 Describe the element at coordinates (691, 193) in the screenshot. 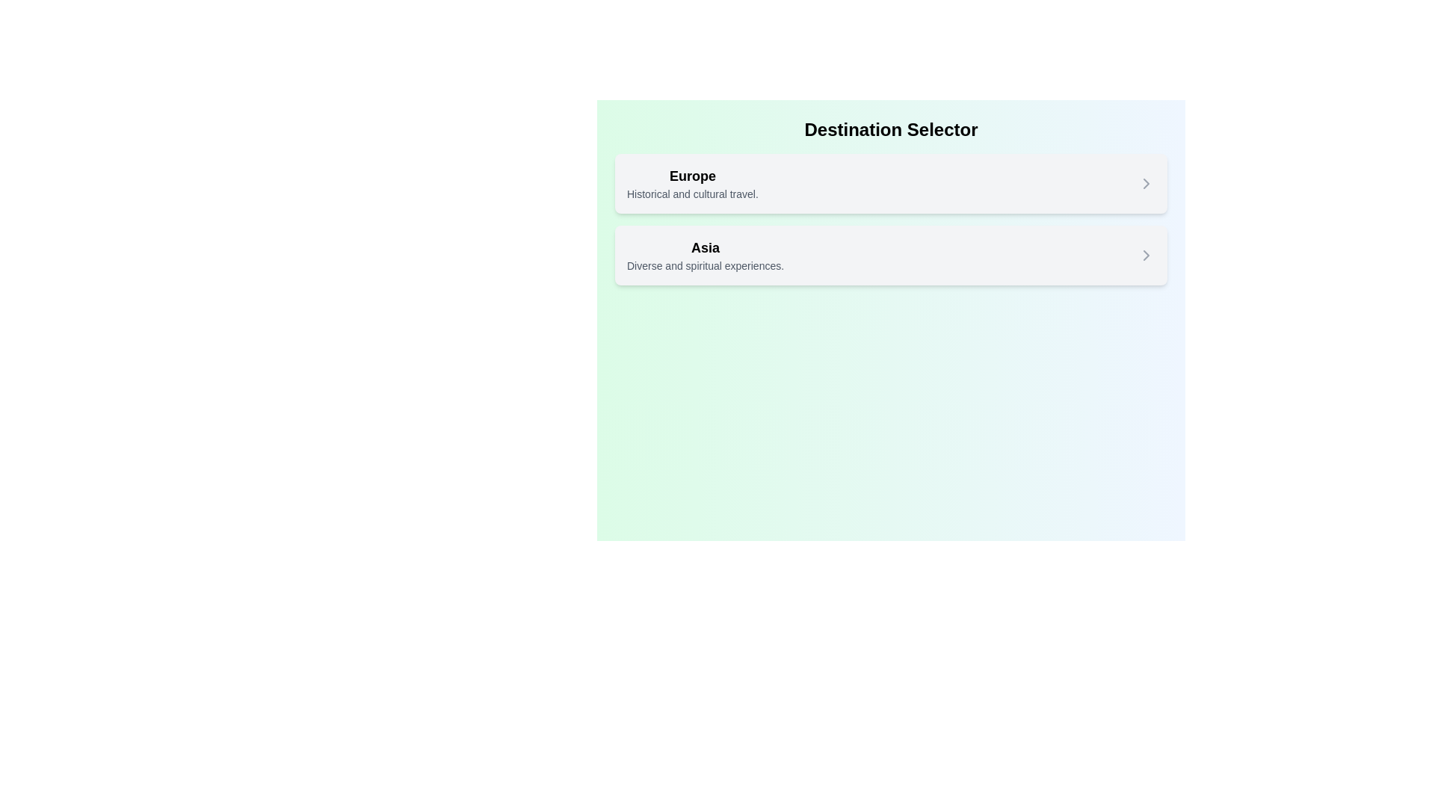

I see `the text label that reads 'Historical and cultural travel.' located directly below the 'Europe' heading, styled in gray font as a subtitle` at that location.